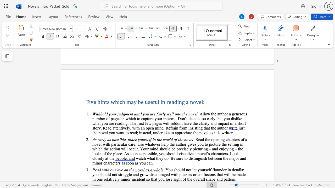  I want to click on the 2th character "h" in the text, so click(102, 174).